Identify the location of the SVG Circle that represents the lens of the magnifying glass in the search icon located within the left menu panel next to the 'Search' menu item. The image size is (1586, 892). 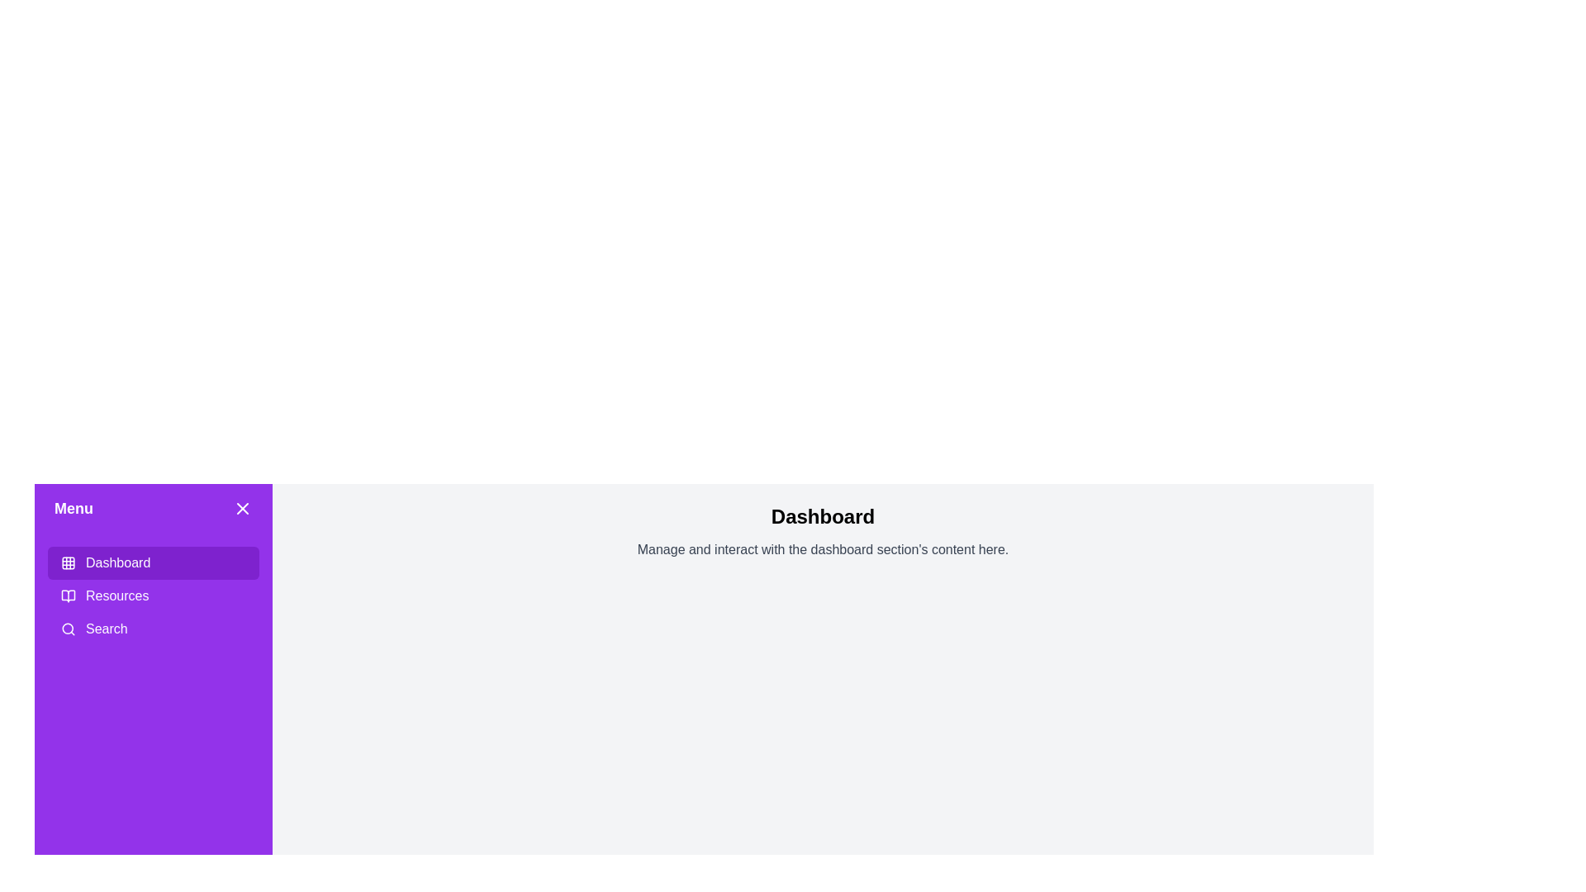
(67, 629).